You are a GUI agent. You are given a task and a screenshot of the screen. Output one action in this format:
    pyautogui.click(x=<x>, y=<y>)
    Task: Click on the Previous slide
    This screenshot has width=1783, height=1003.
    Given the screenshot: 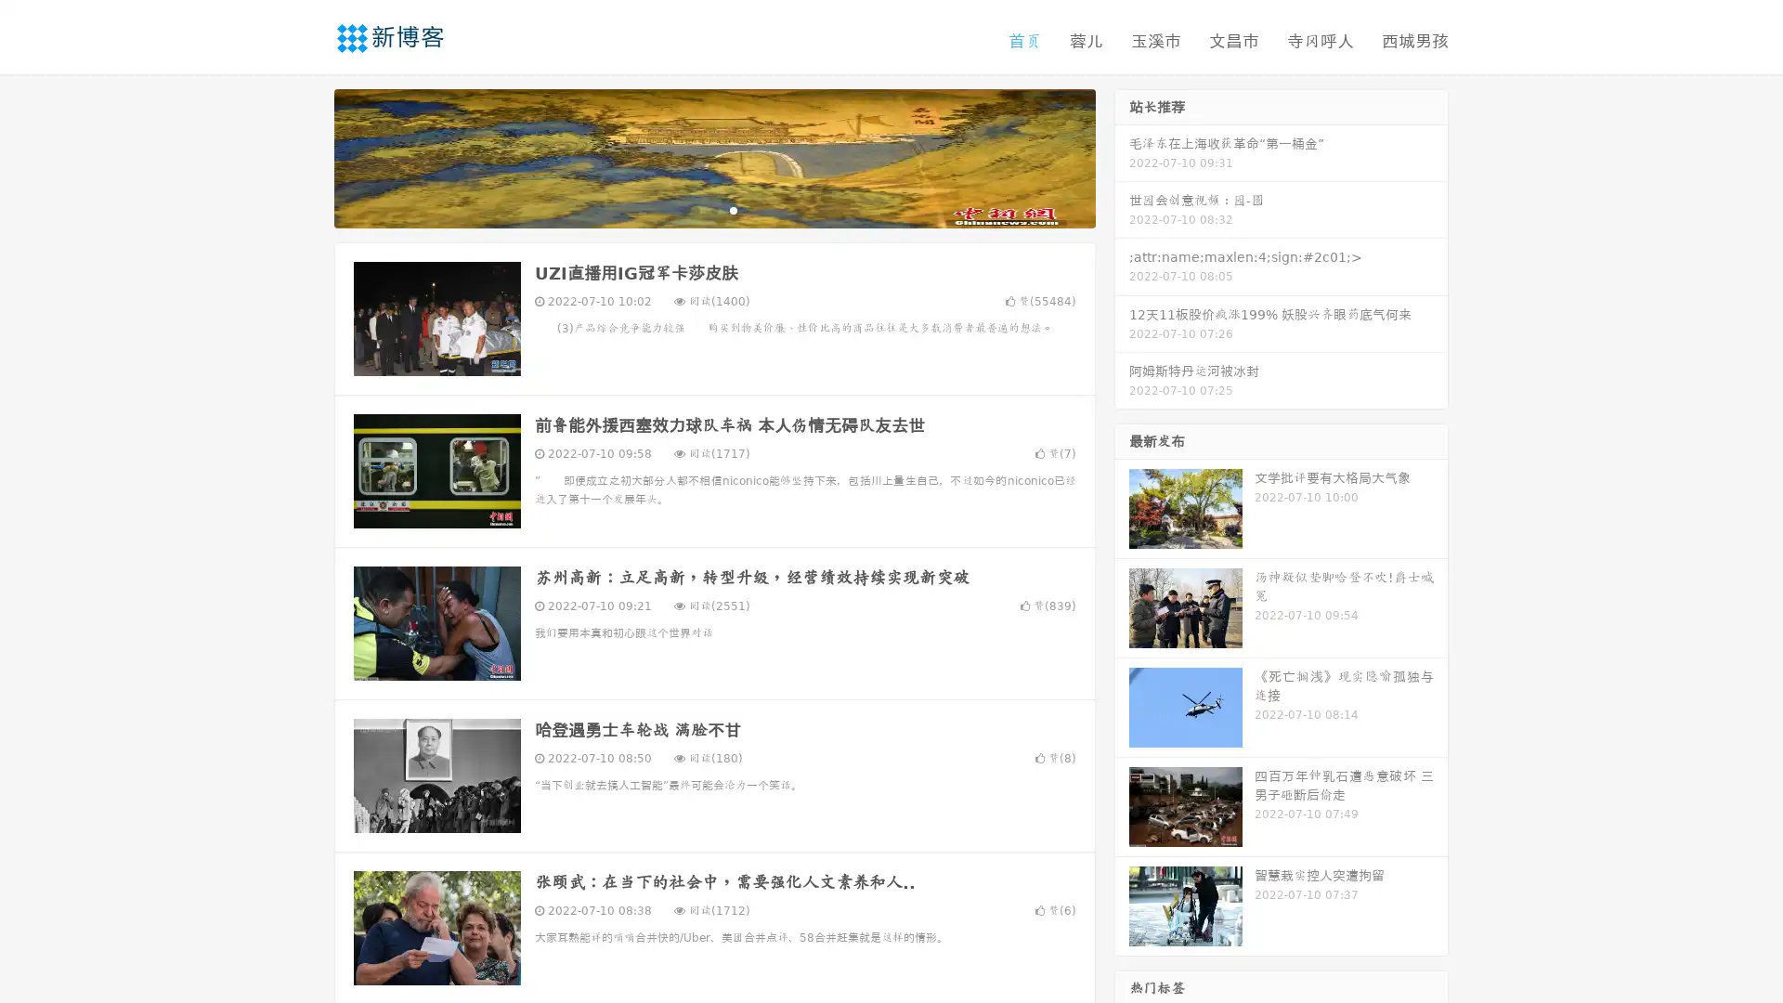 What is the action you would take?
    pyautogui.click(x=306, y=156)
    